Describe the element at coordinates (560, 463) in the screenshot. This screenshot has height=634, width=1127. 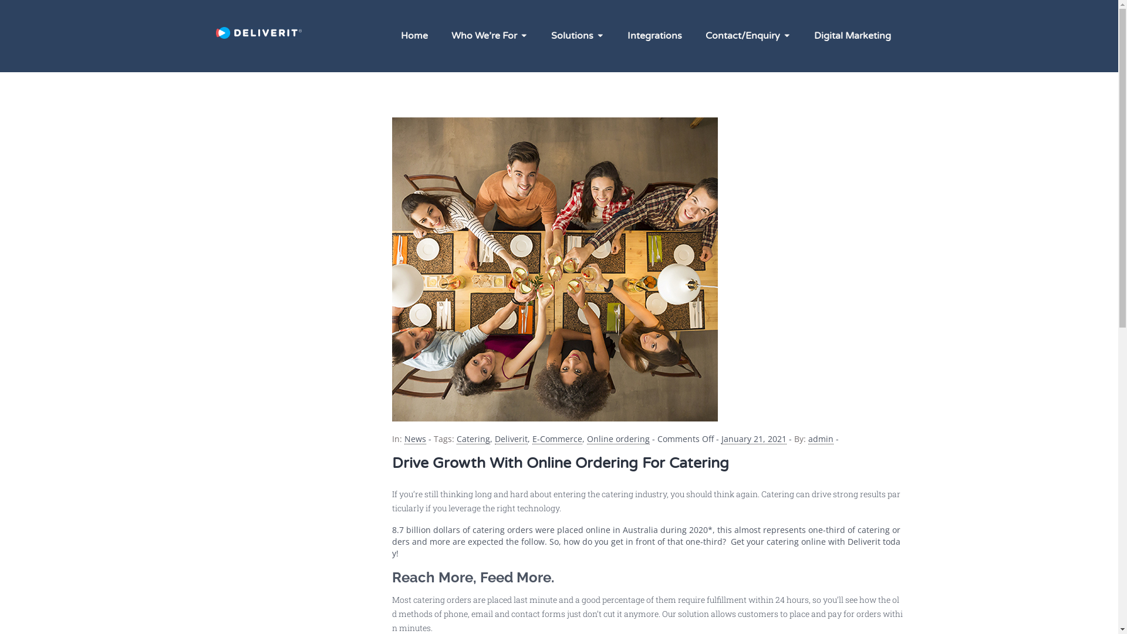
I see `'Drive Growth With Online Ordering For Catering'` at that location.